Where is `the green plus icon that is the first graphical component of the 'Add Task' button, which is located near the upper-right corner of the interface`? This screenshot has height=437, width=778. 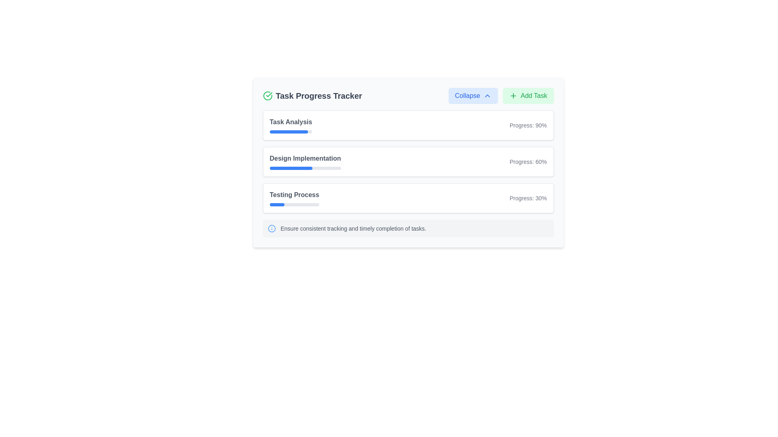
the green plus icon that is the first graphical component of the 'Add Task' button, which is located near the upper-right corner of the interface is located at coordinates (513, 95).